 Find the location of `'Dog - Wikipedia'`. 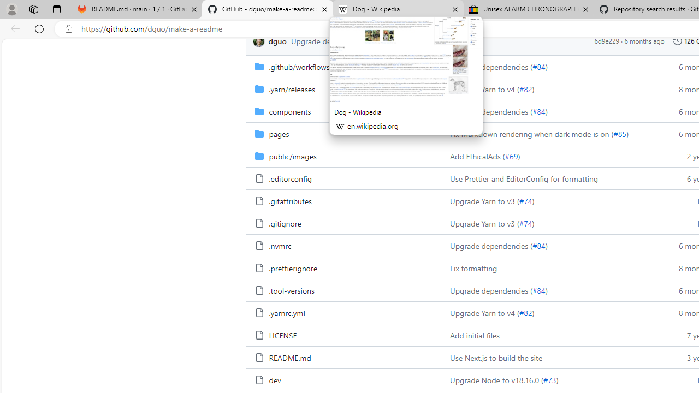

'Dog - Wikipedia' is located at coordinates (398, 9).